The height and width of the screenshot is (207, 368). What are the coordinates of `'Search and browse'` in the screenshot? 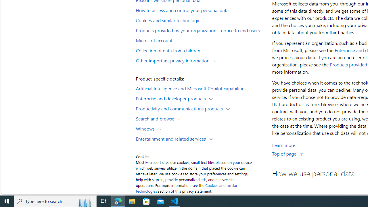 It's located at (156, 118).